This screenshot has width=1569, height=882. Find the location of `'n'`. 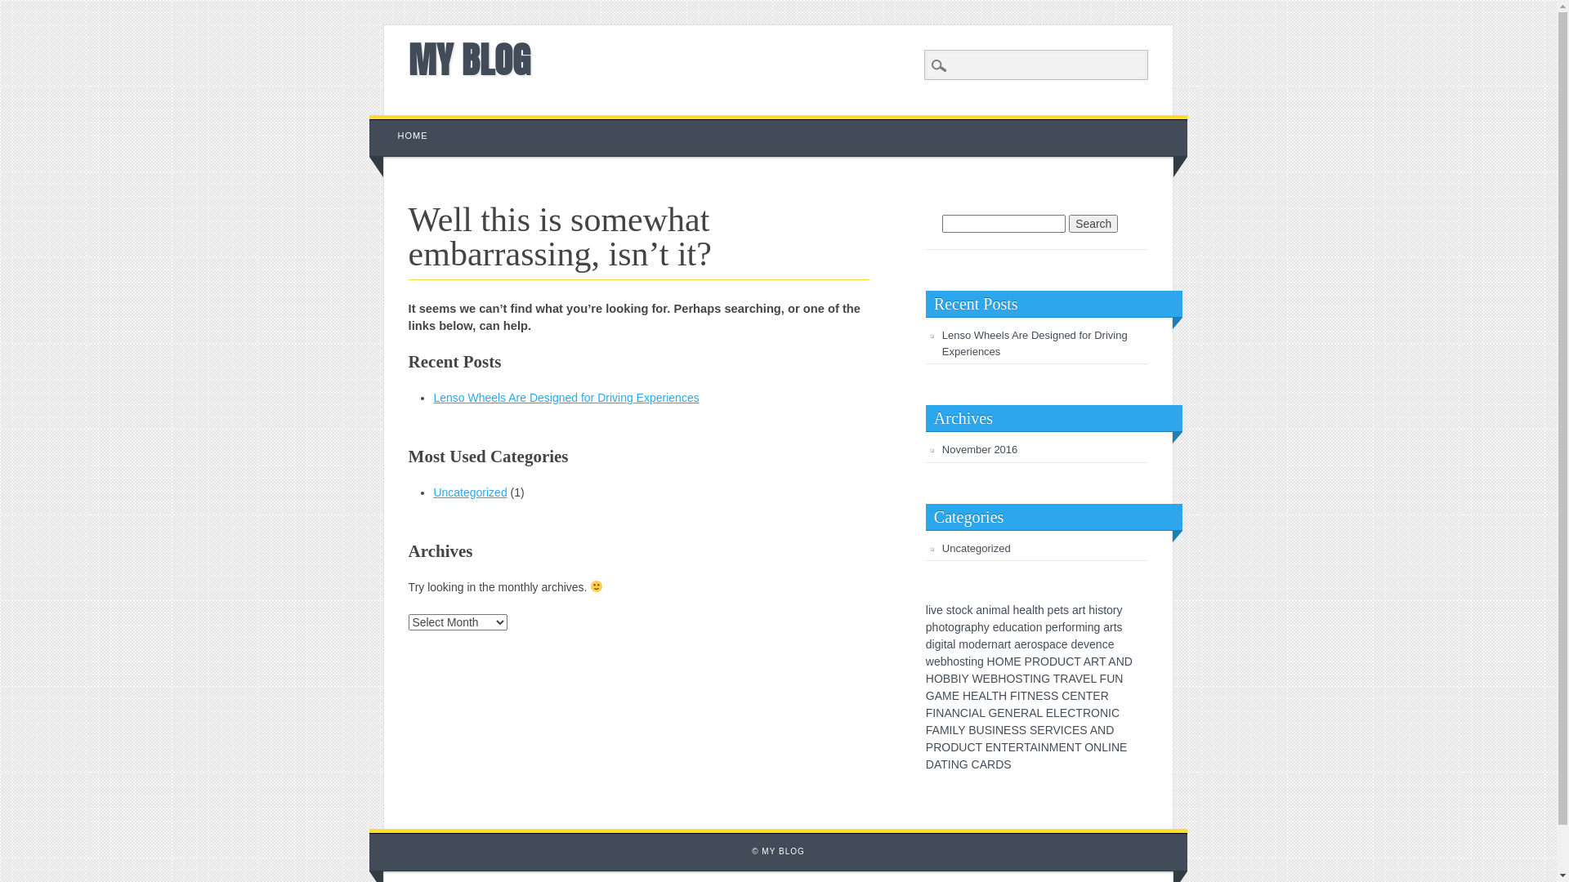

'n' is located at coordinates (984, 610).